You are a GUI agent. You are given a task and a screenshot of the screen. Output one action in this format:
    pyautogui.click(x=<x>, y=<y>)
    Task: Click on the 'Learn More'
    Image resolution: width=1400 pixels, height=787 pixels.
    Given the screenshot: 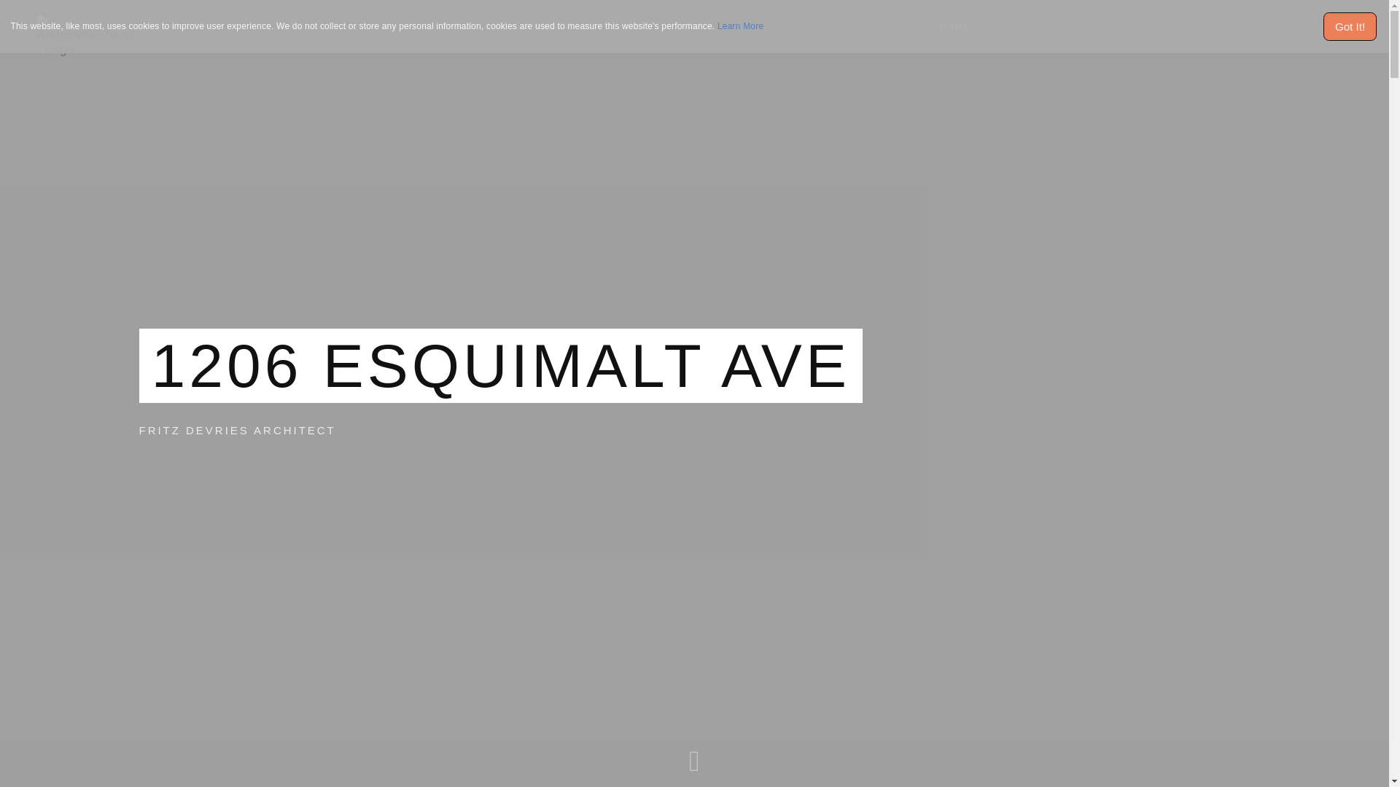 What is the action you would take?
    pyautogui.click(x=740, y=26)
    